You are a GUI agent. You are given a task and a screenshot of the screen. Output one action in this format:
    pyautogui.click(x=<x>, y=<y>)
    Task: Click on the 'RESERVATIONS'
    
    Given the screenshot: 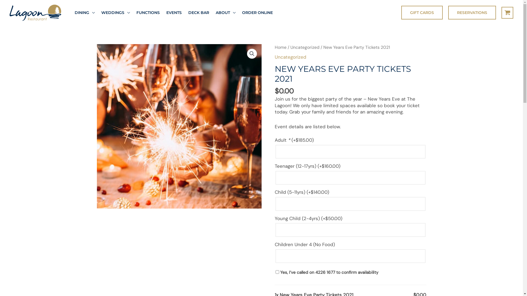 What is the action you would take?
    pyautogui.click(x=472, y=12)
    